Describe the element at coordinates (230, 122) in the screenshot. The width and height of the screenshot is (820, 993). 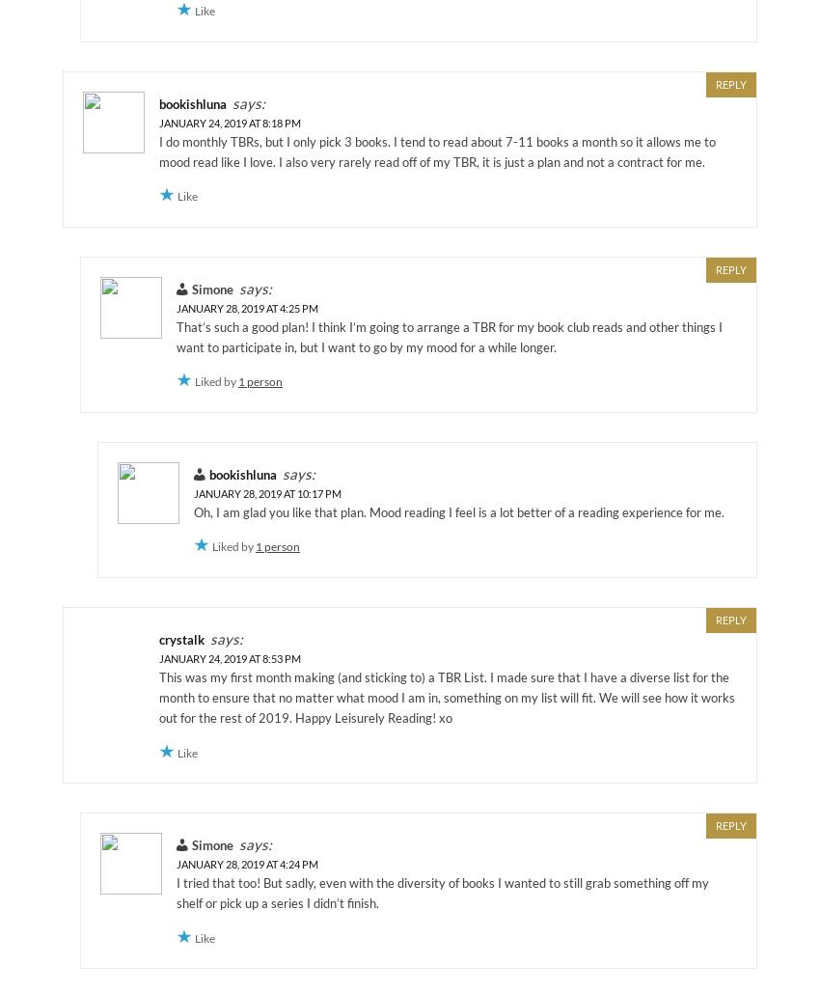
I see `'January 24, 2019 at 8:18 pm'` at that location.